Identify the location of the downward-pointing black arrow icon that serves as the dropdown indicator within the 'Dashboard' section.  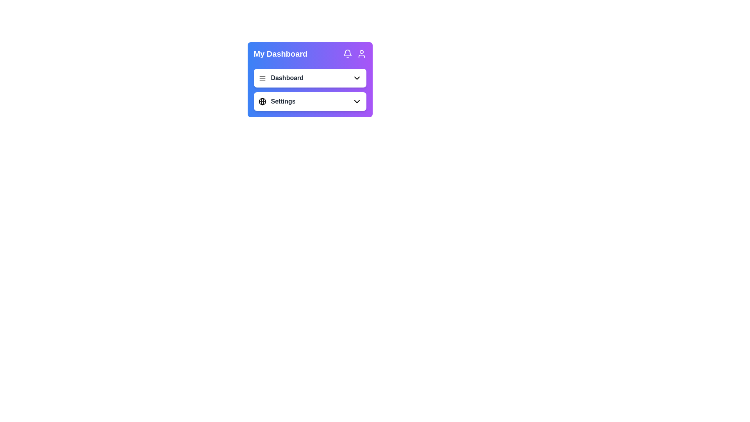
(356, 78).